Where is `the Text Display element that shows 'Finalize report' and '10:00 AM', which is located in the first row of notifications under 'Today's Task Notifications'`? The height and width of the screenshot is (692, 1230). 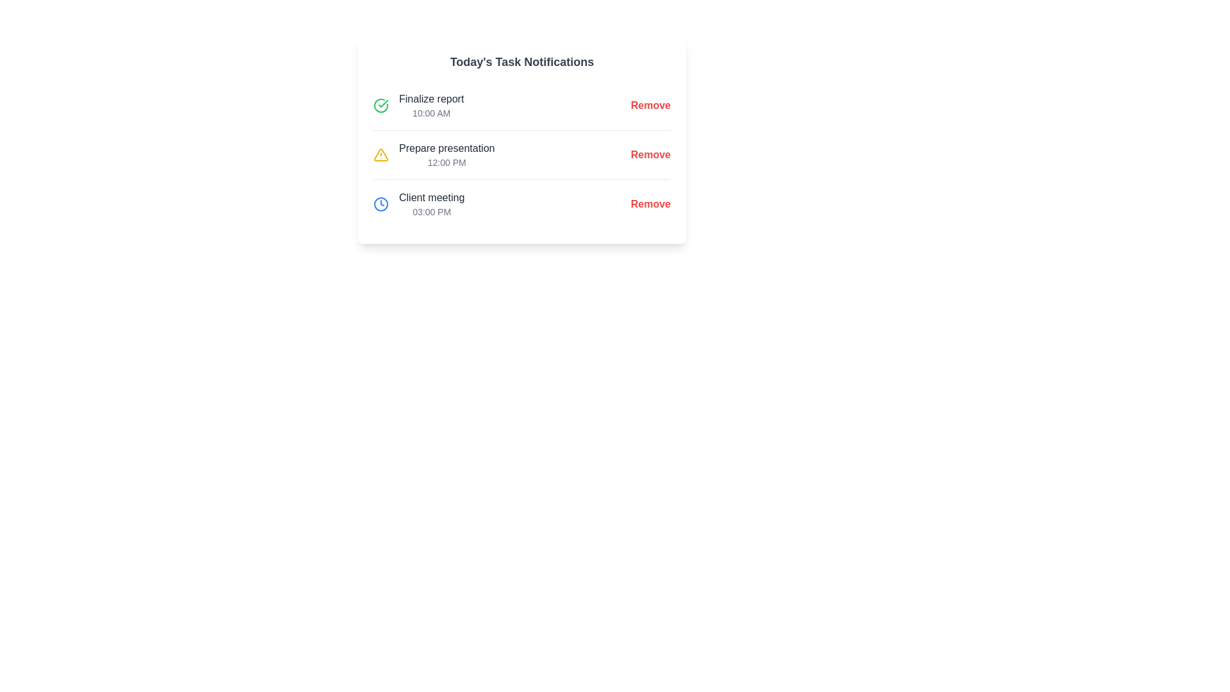
the Text Display element that shows 'Finalize report' and '10:00 AM', which is located in the first row of notifications under 'Today's Task Notifications' is located at coordinates (431, 105).